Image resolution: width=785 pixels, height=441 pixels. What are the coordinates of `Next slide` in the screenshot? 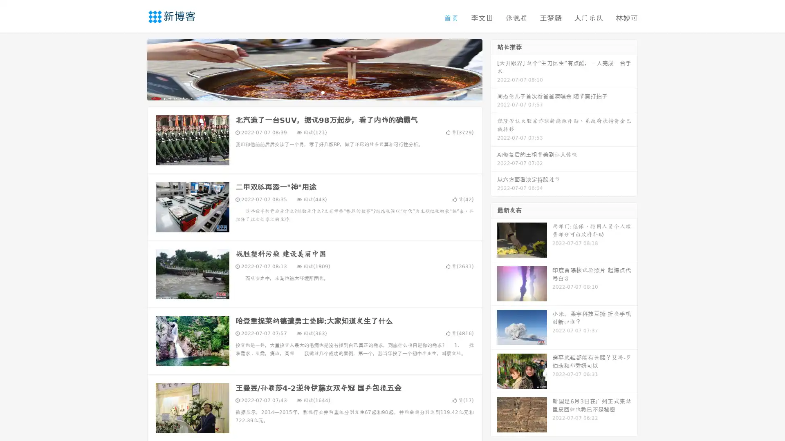 It's located at (494, 69).